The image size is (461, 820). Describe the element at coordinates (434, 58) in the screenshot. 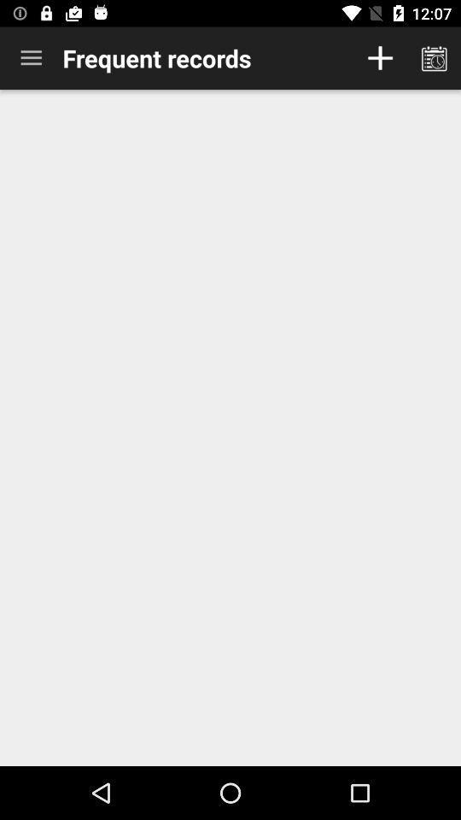

I see `open calendar` at that location.